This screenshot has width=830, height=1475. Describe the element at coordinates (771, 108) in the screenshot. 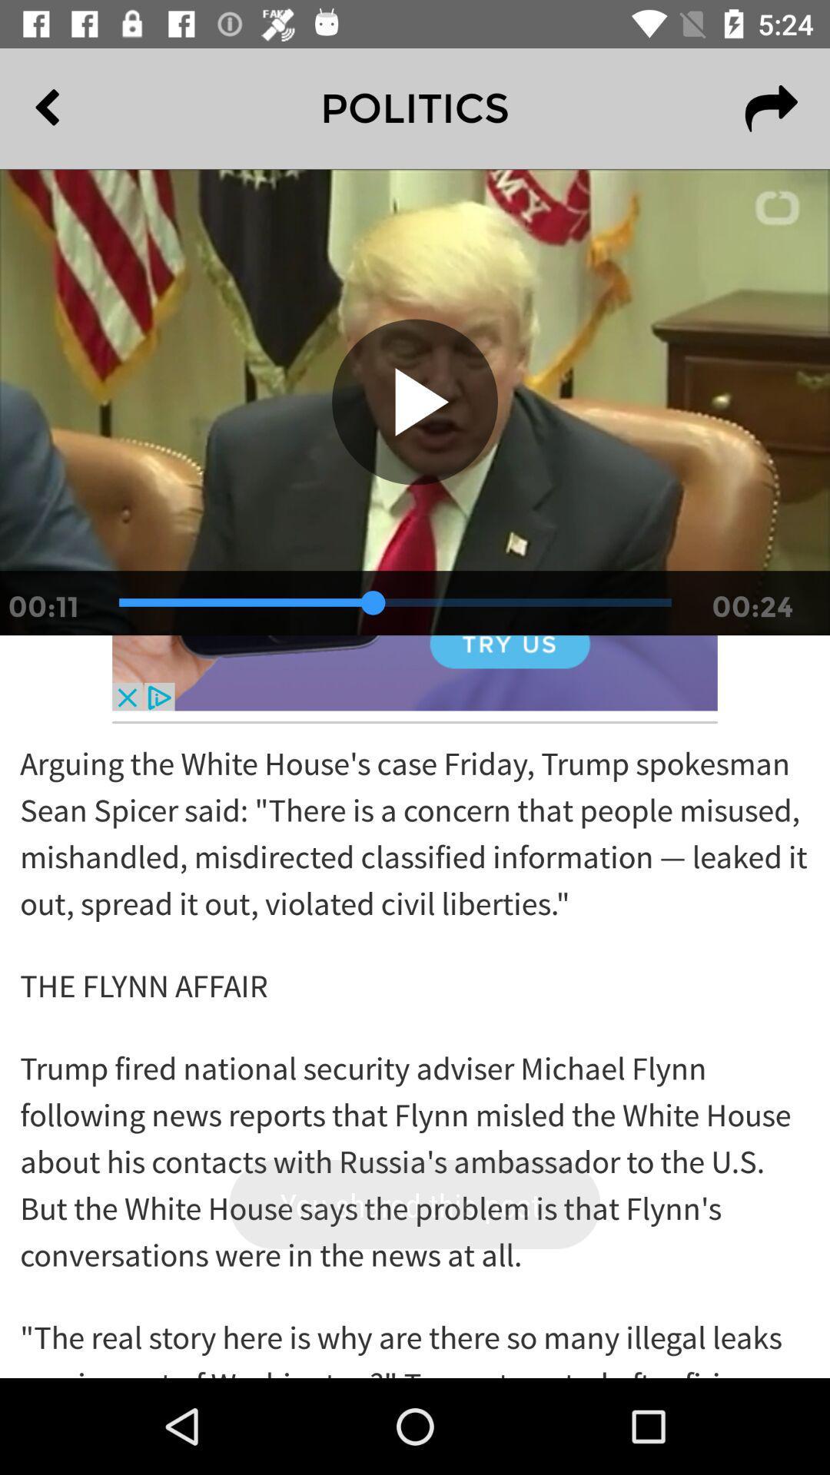

I see `the redo icon` at that location.